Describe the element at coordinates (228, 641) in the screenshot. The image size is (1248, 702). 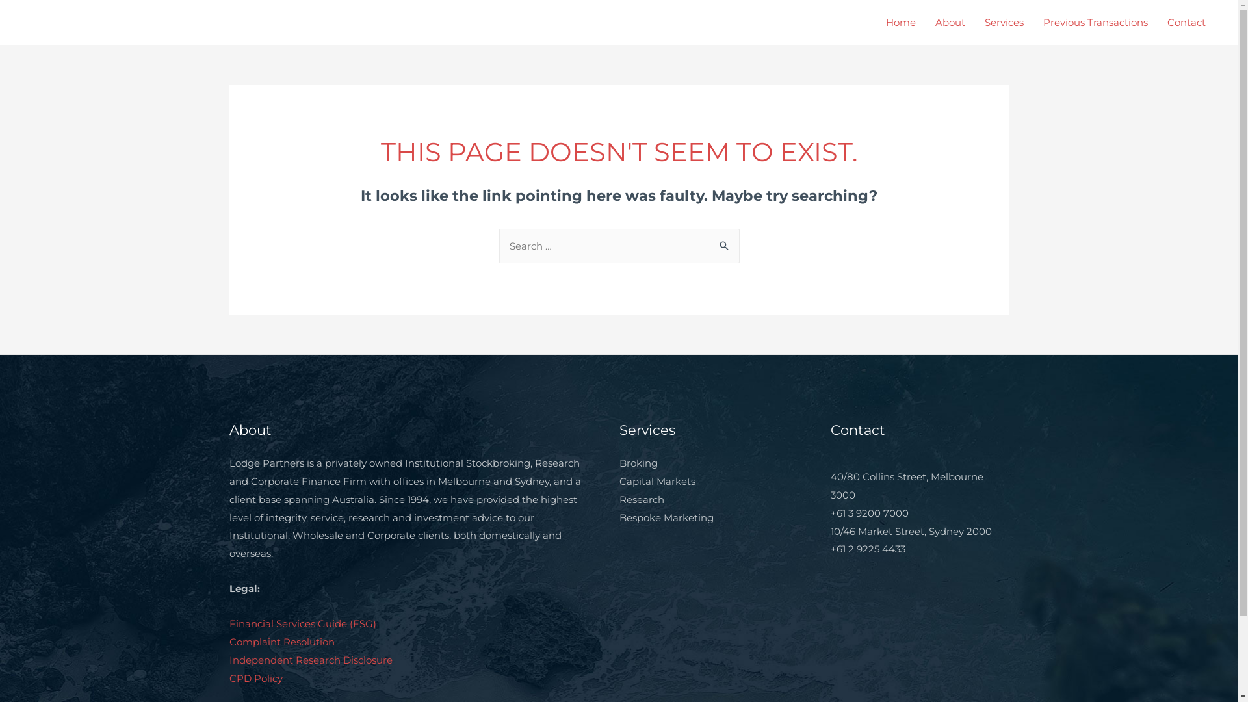
I see `'Complaint Resolution'` at that location.